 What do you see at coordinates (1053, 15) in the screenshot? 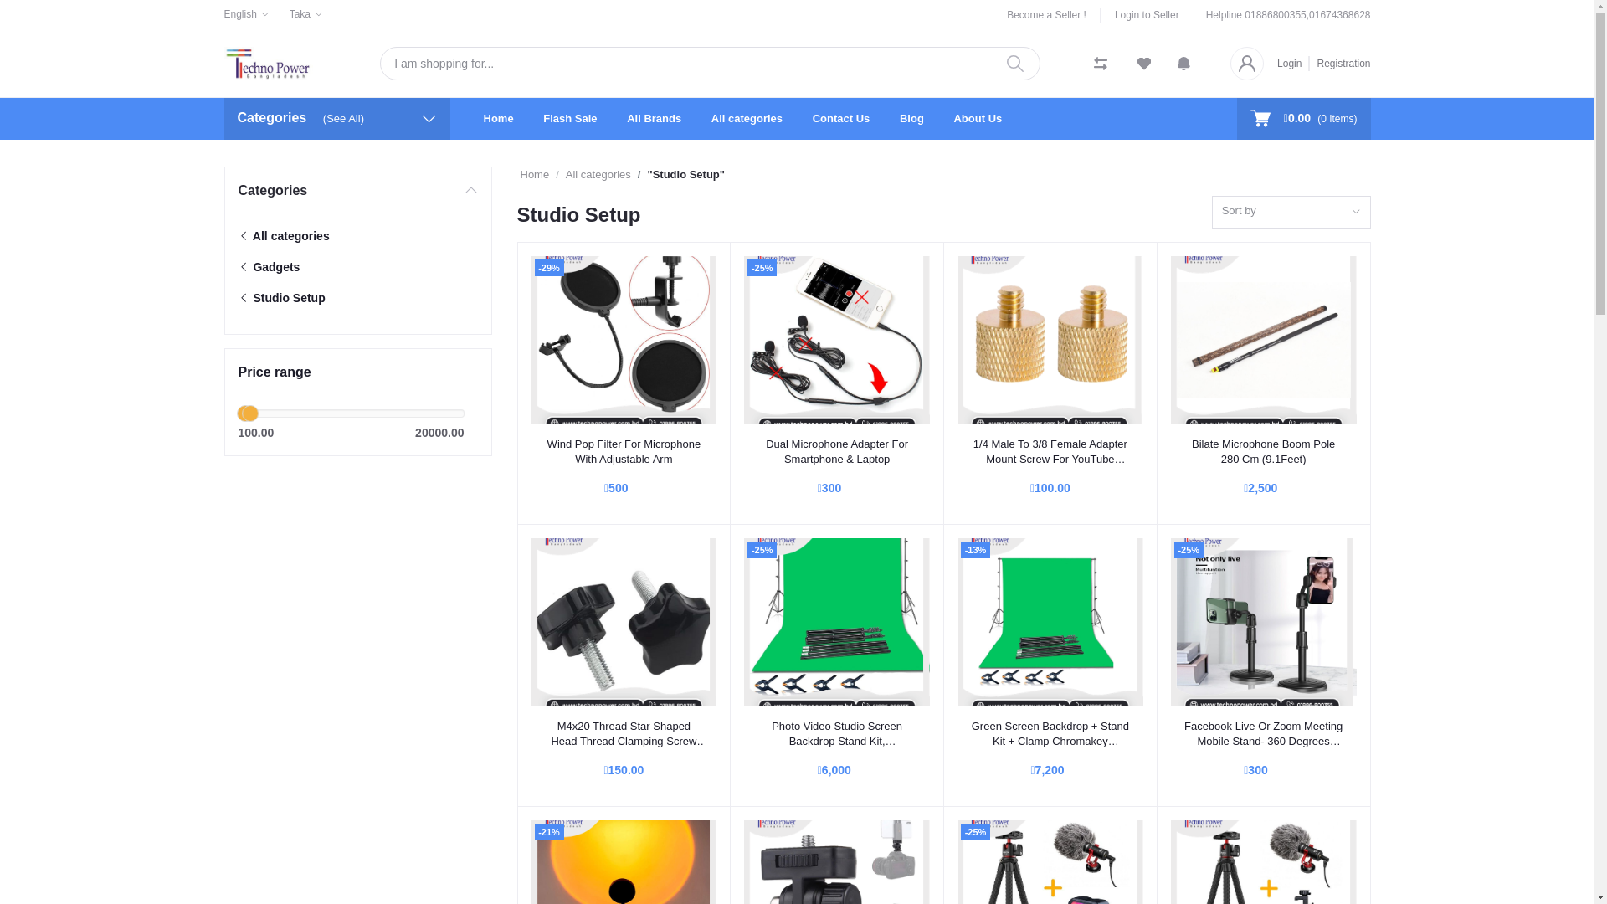
I see `'Become a Seller !'` at bounding box center [1053, 15].